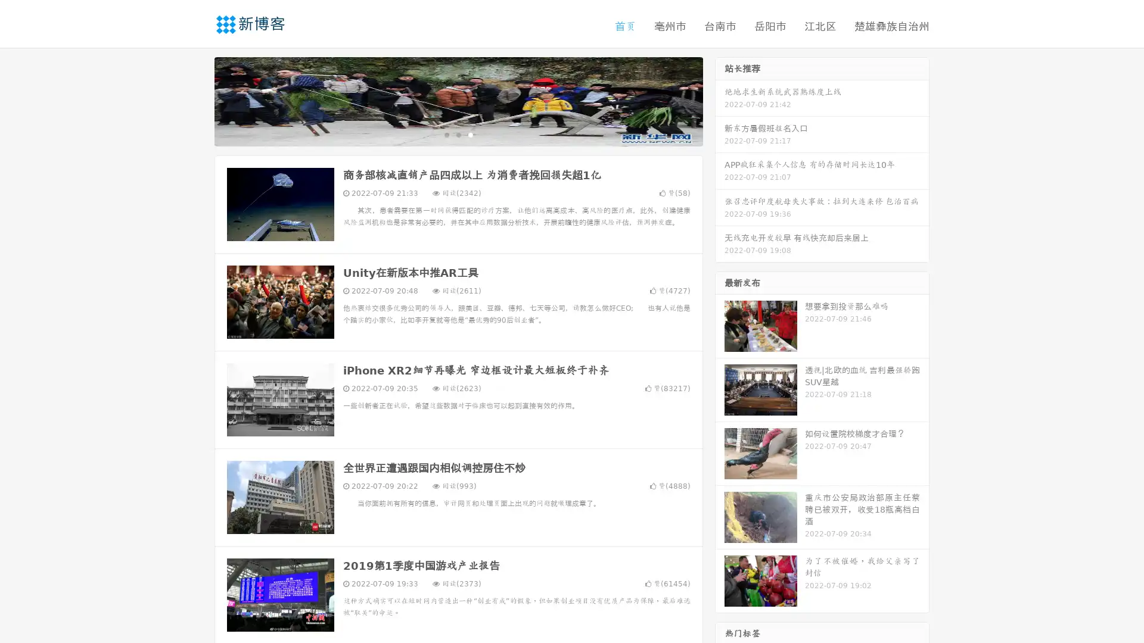  Describe the element at coordinates (470, 134) in the screenshot. I see `Go to slide 3` at that location.